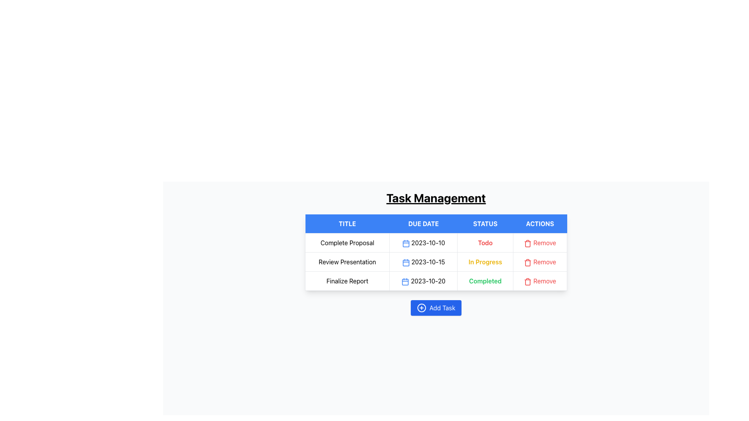 Image resolution: width=749 pixels, height=421 pixels. Describe the element at coordinates (539, 242) in the screenshot. I see `the delete button in the 'Actions' column of the first row in the task management table` at that location.